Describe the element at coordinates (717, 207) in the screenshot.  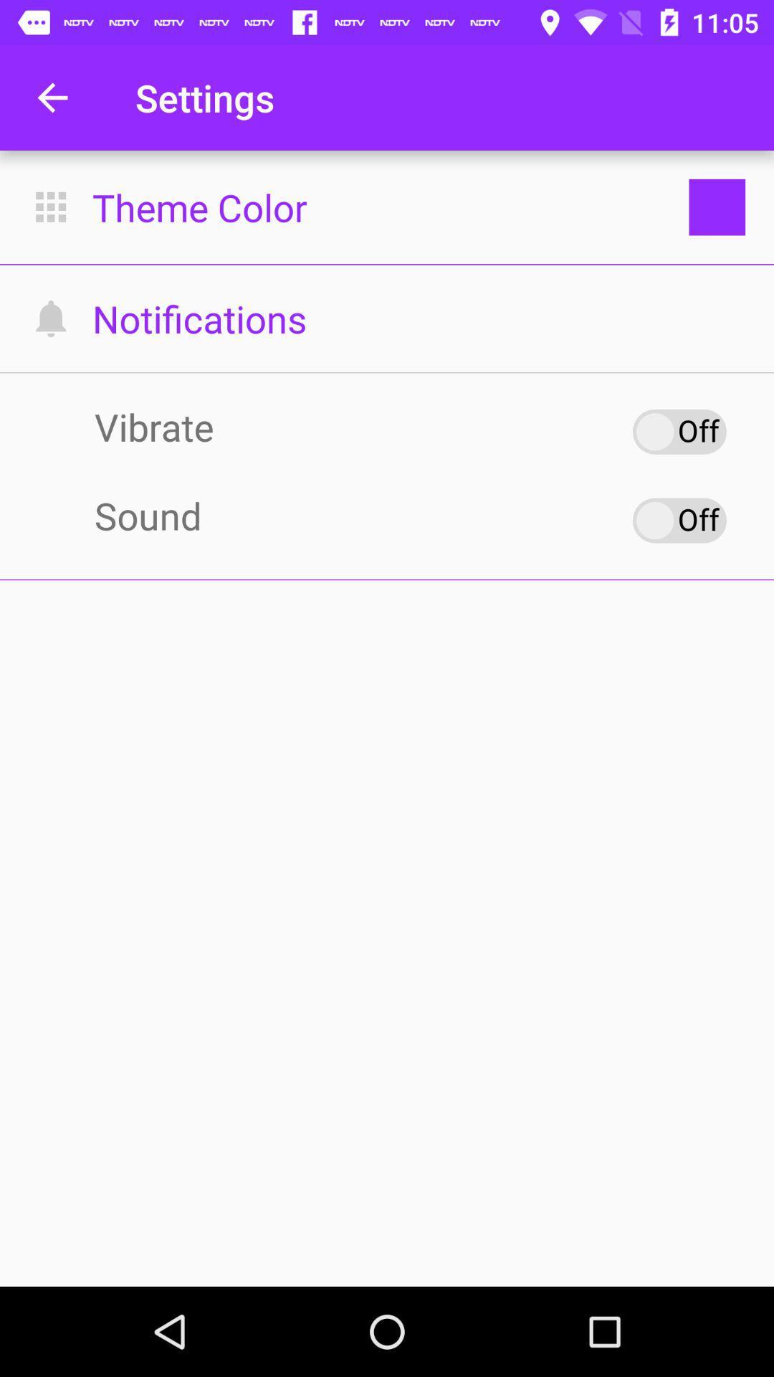
I see `the box which is to the right side of the theme color` at that location.